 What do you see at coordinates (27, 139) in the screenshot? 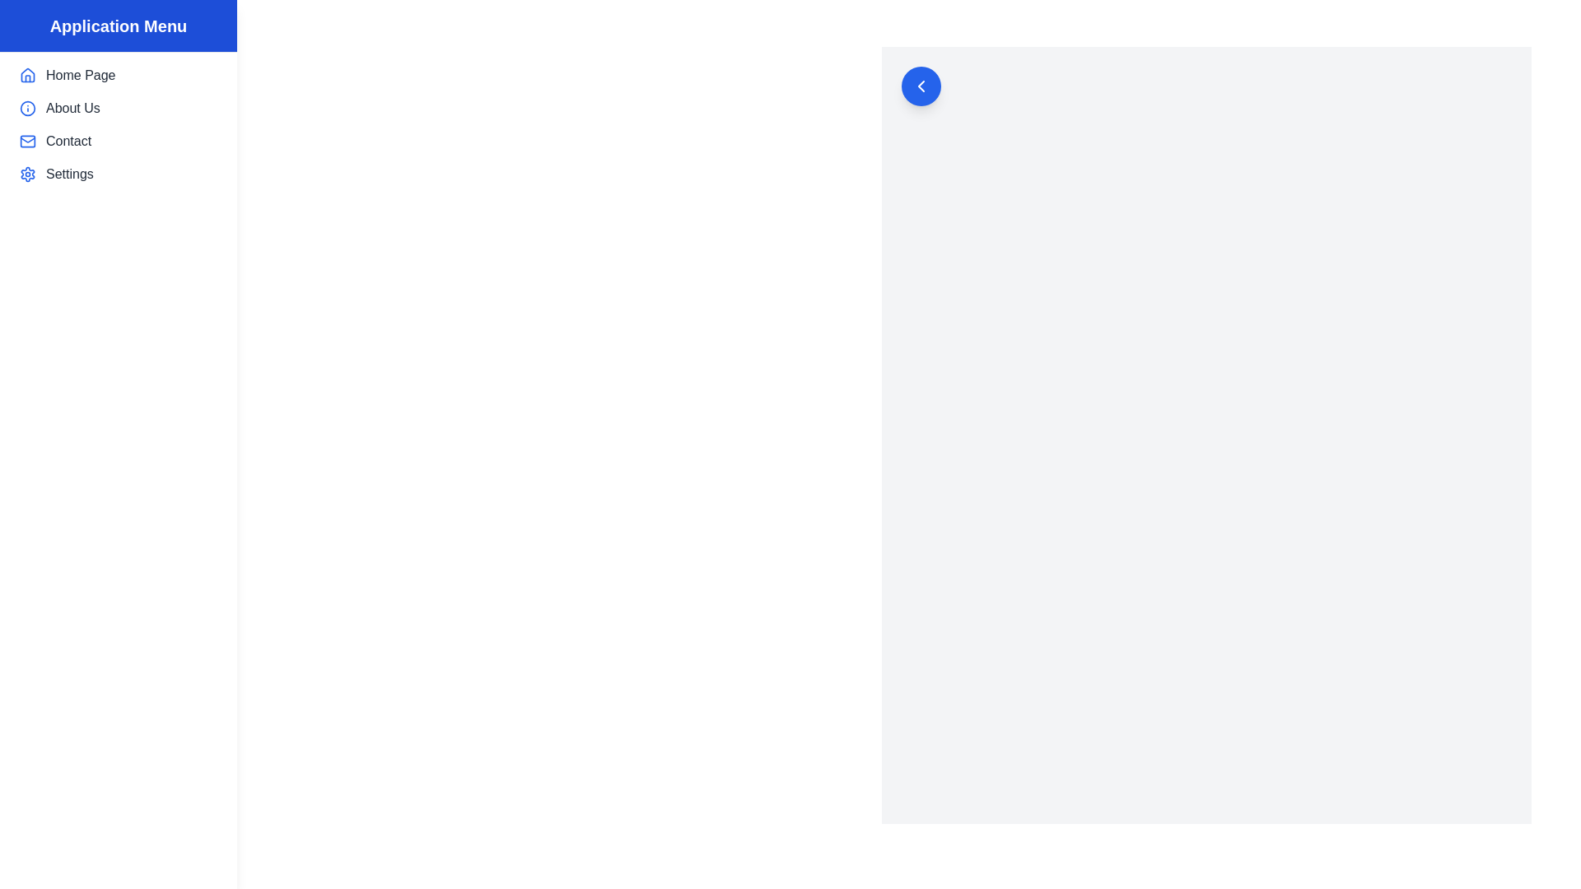
I see `the middle horizontal part of the stylized mail envelope icon located to the right of the 'Contact' label in the left panel of the application menu` at bounding box center [27, 139].